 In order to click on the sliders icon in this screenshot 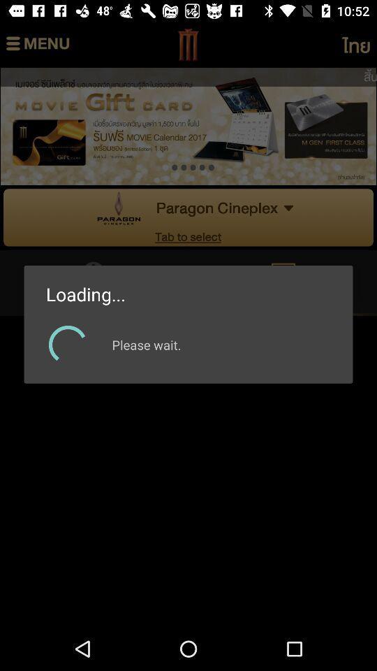, I will do `click(38, 45)`.